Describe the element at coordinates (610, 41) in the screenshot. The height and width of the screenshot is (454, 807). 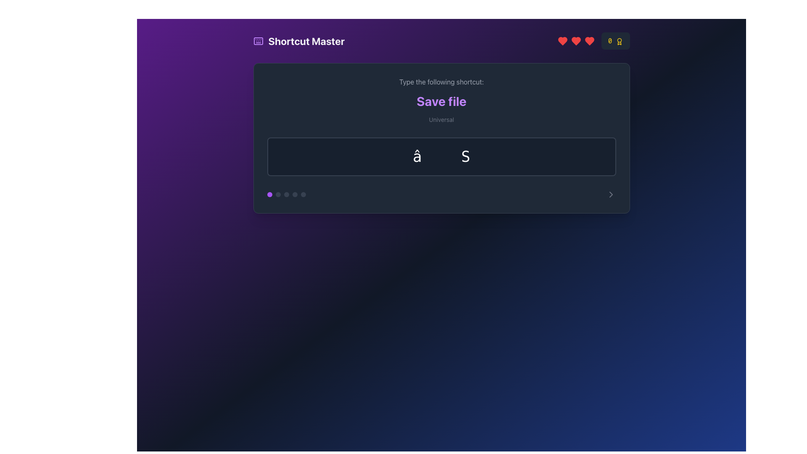
I see `the yellow-colored number '0' displayed in a monospace font style located in the top-right corner of the interface on a dark-gray background` at that location.